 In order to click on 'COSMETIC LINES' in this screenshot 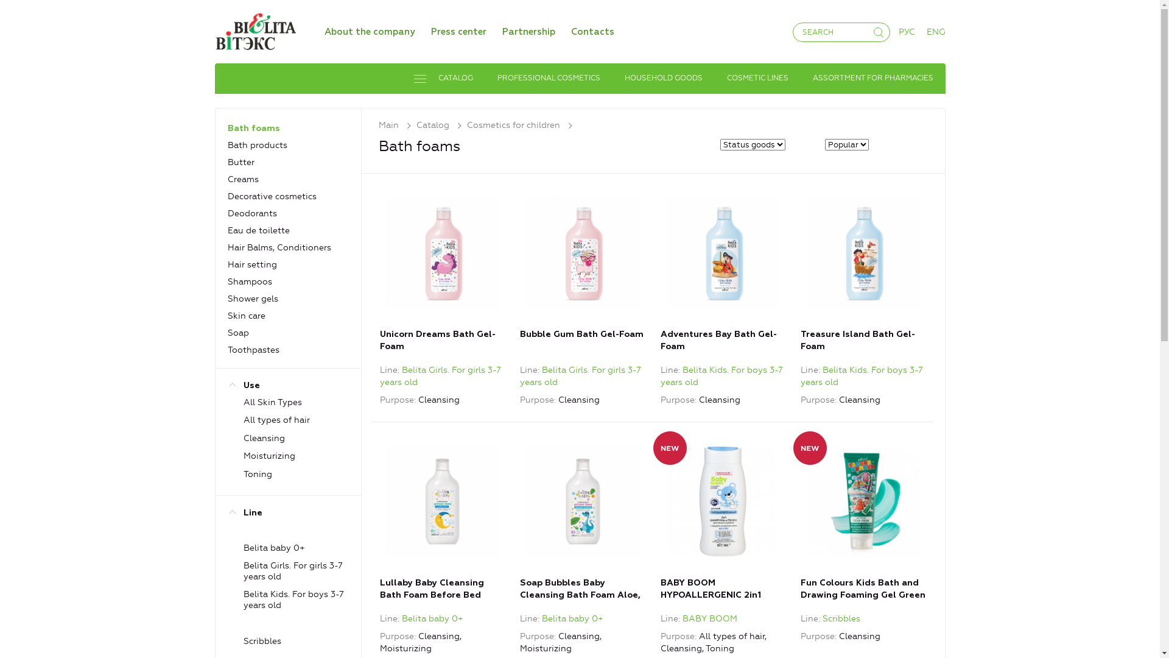, I will do `click(757, 78)`.